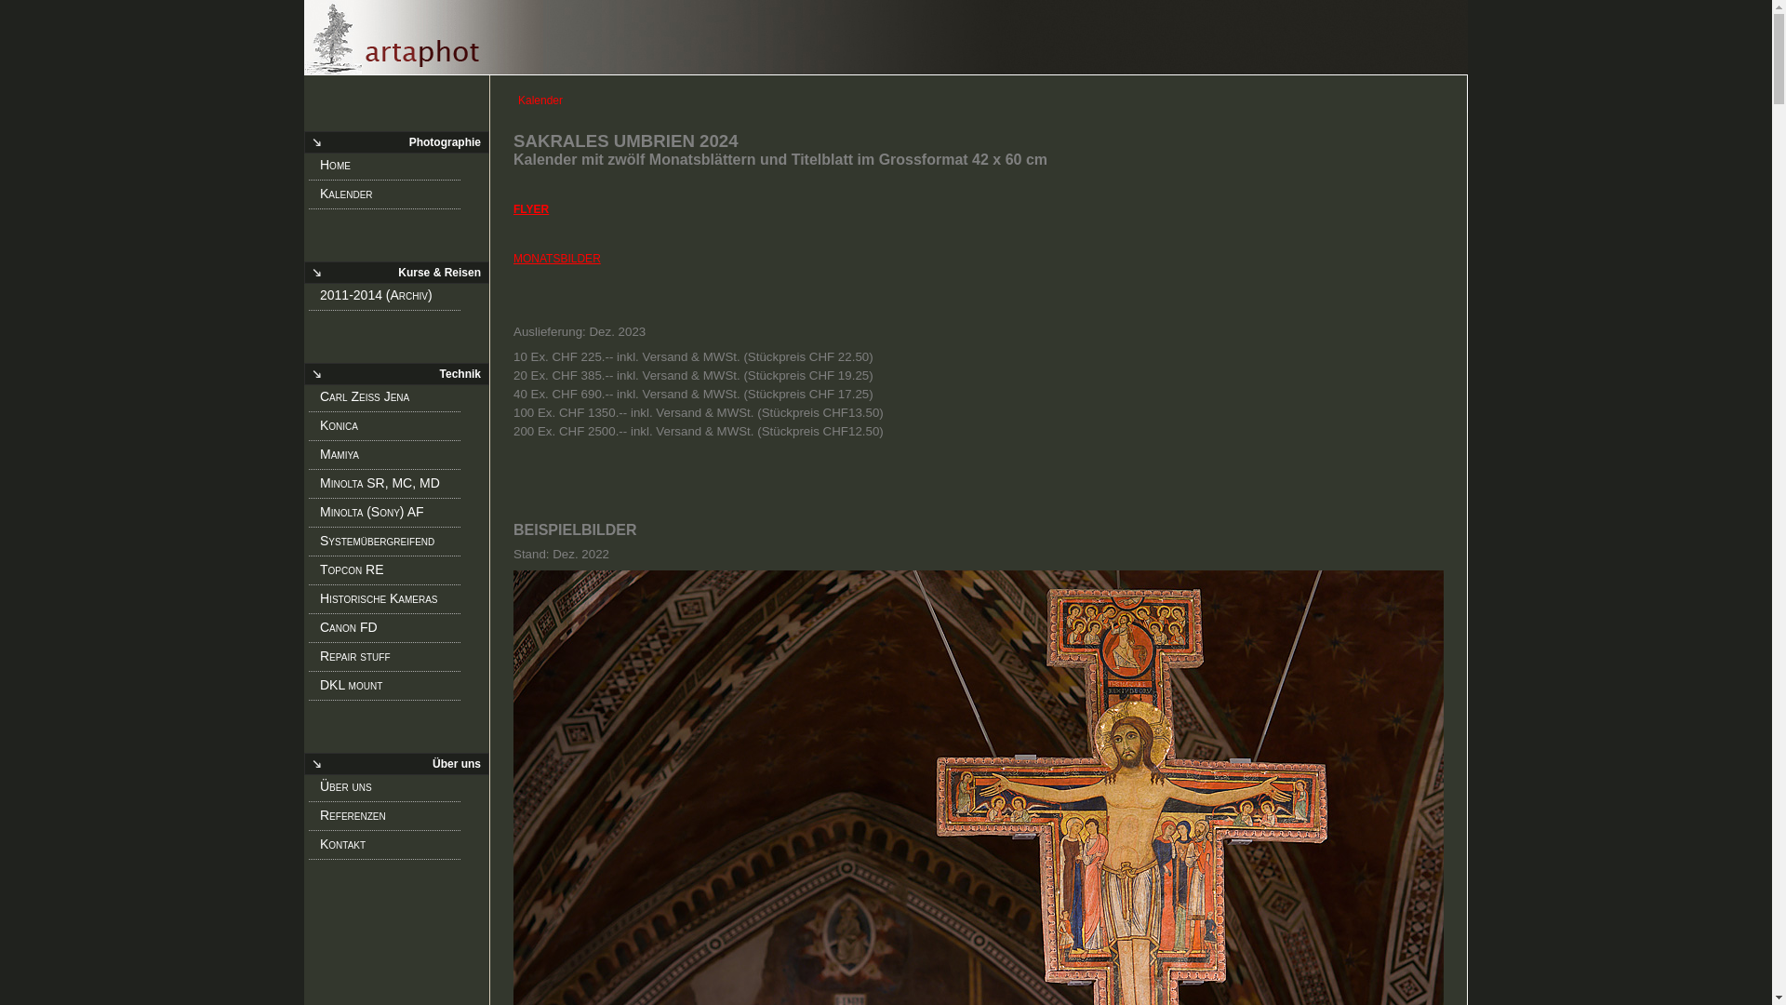 The width and height of the screenshot is (1786, 1005). What do you see at coordinates (390, 429) in the screenshot?
I see `'Konica'` at bounding box center [390, 429].